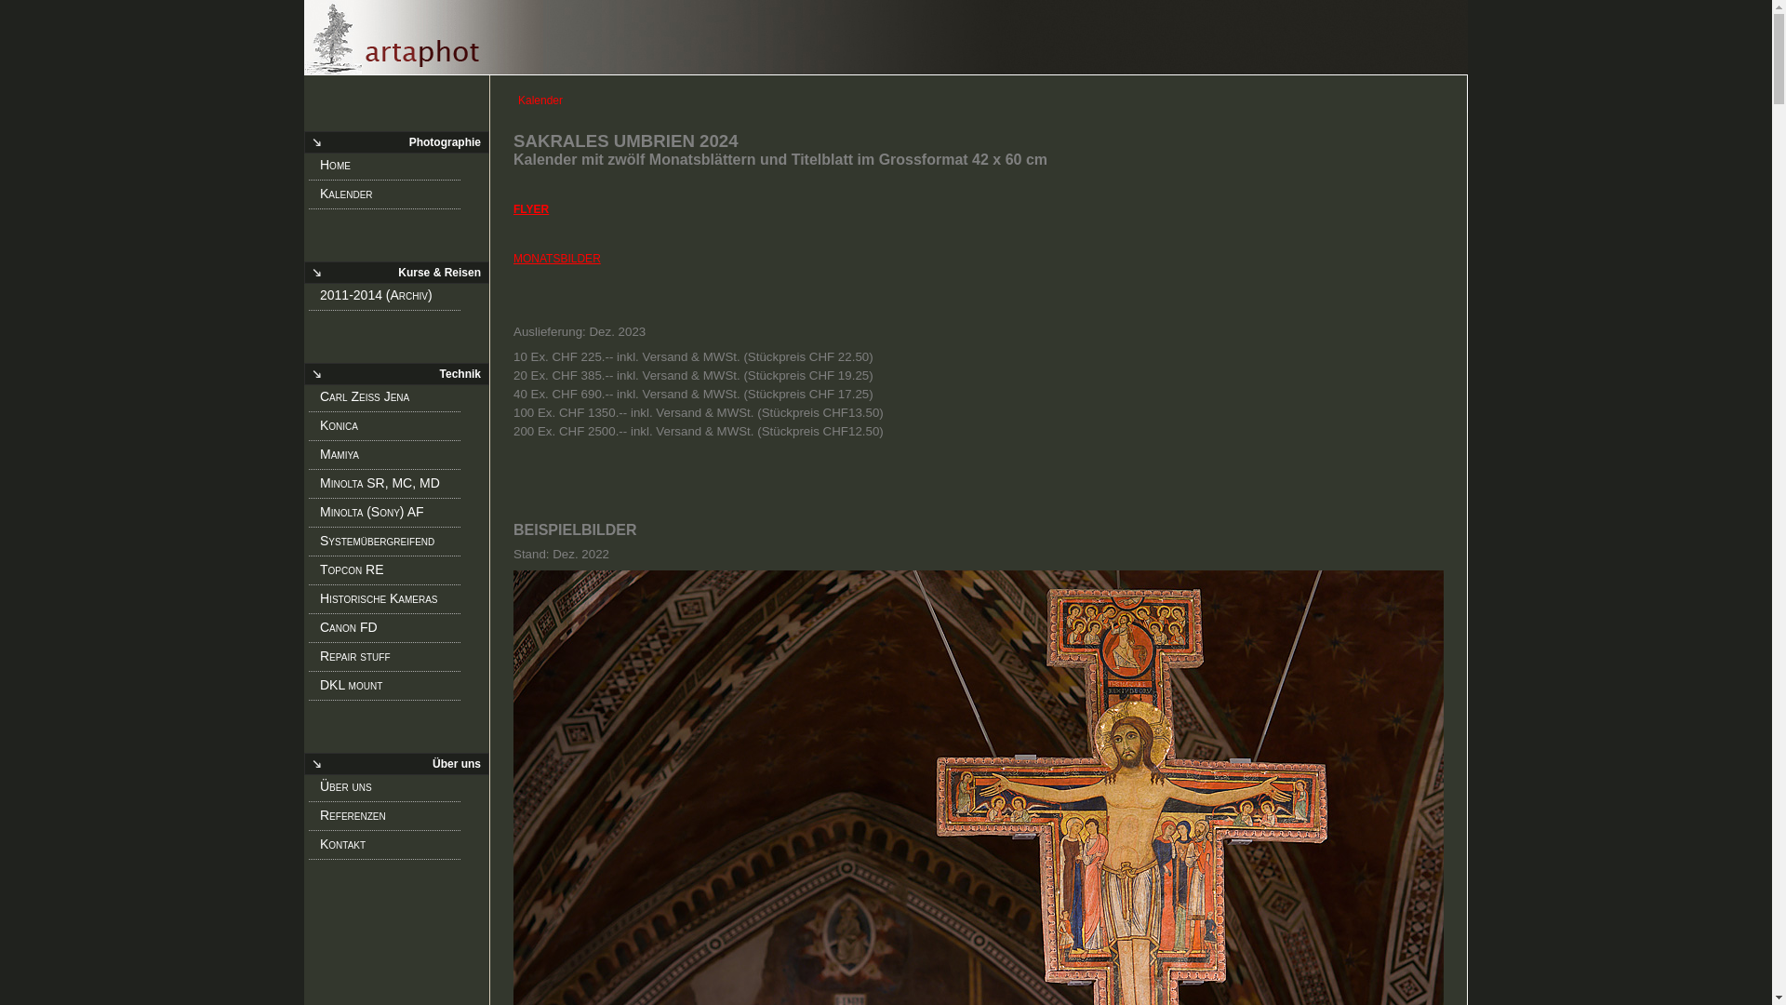 The width and height of the screenshot is (1786, 1005). What do you see at coordinates (390, 429) in the screenshot?
I see `'Konica'` at bounding box center [390, 429].